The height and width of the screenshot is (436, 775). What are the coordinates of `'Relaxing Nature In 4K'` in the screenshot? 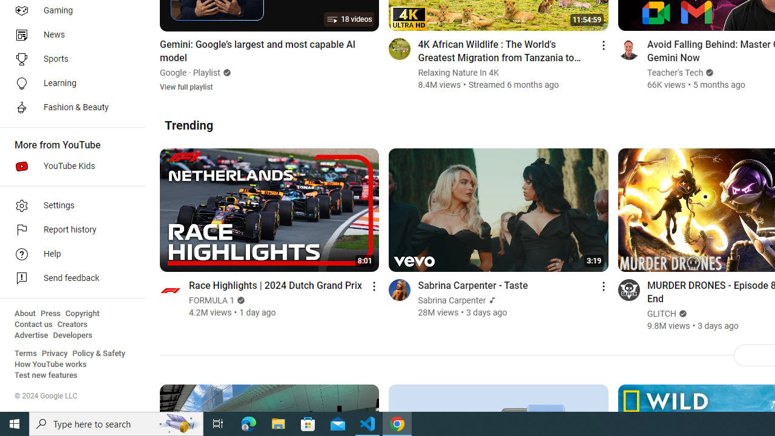 It's located at (458, 73).